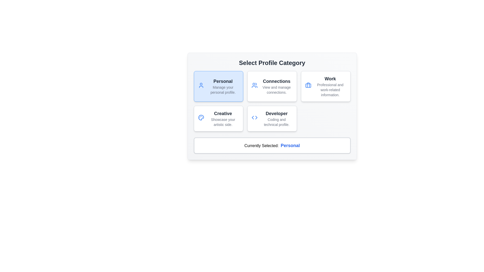  I want to click on the 'Personal' profile category icon located in the leftmost card of the 'Select Profile Category' section, positioned above the text 'Manage your personal profile.', so click(201, 86).